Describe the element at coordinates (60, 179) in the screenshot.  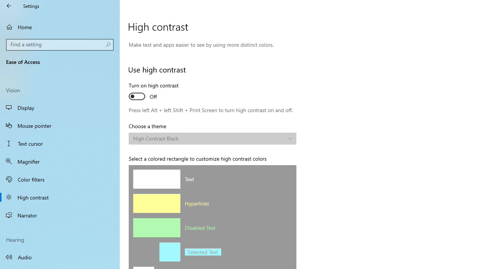
I see `'Color filters'` at that location.